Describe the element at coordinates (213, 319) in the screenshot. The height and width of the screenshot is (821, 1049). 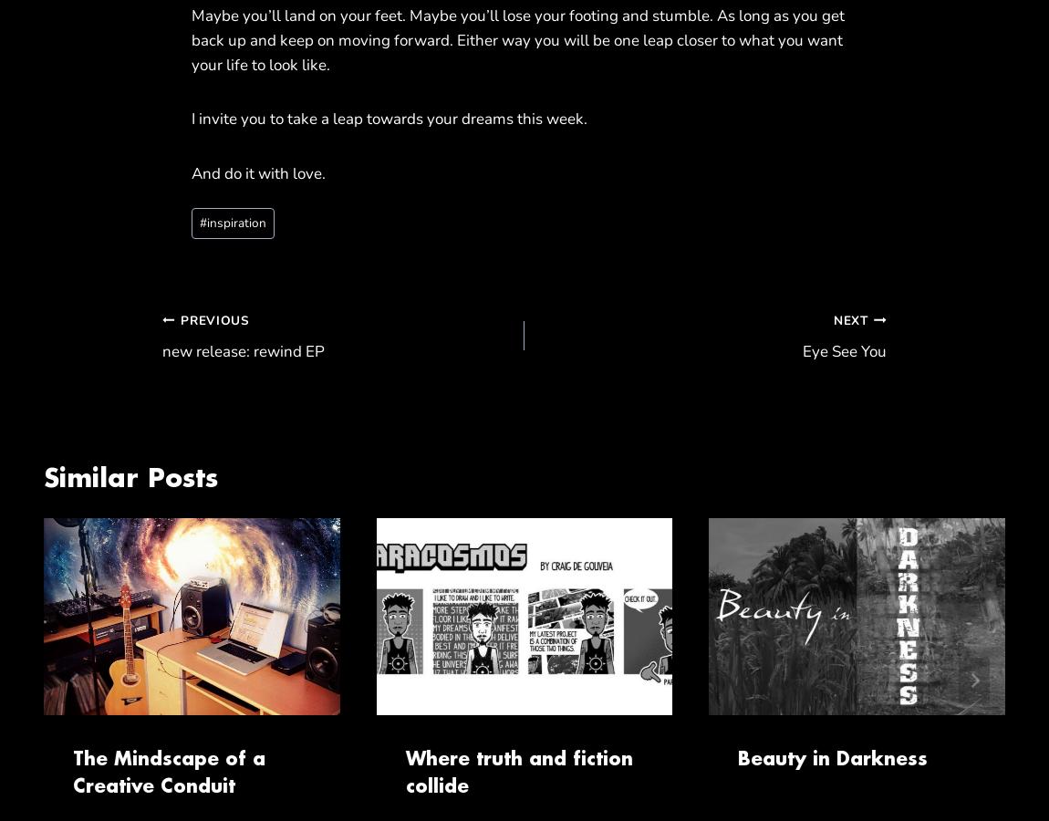
I see `'Previous'` at that location.